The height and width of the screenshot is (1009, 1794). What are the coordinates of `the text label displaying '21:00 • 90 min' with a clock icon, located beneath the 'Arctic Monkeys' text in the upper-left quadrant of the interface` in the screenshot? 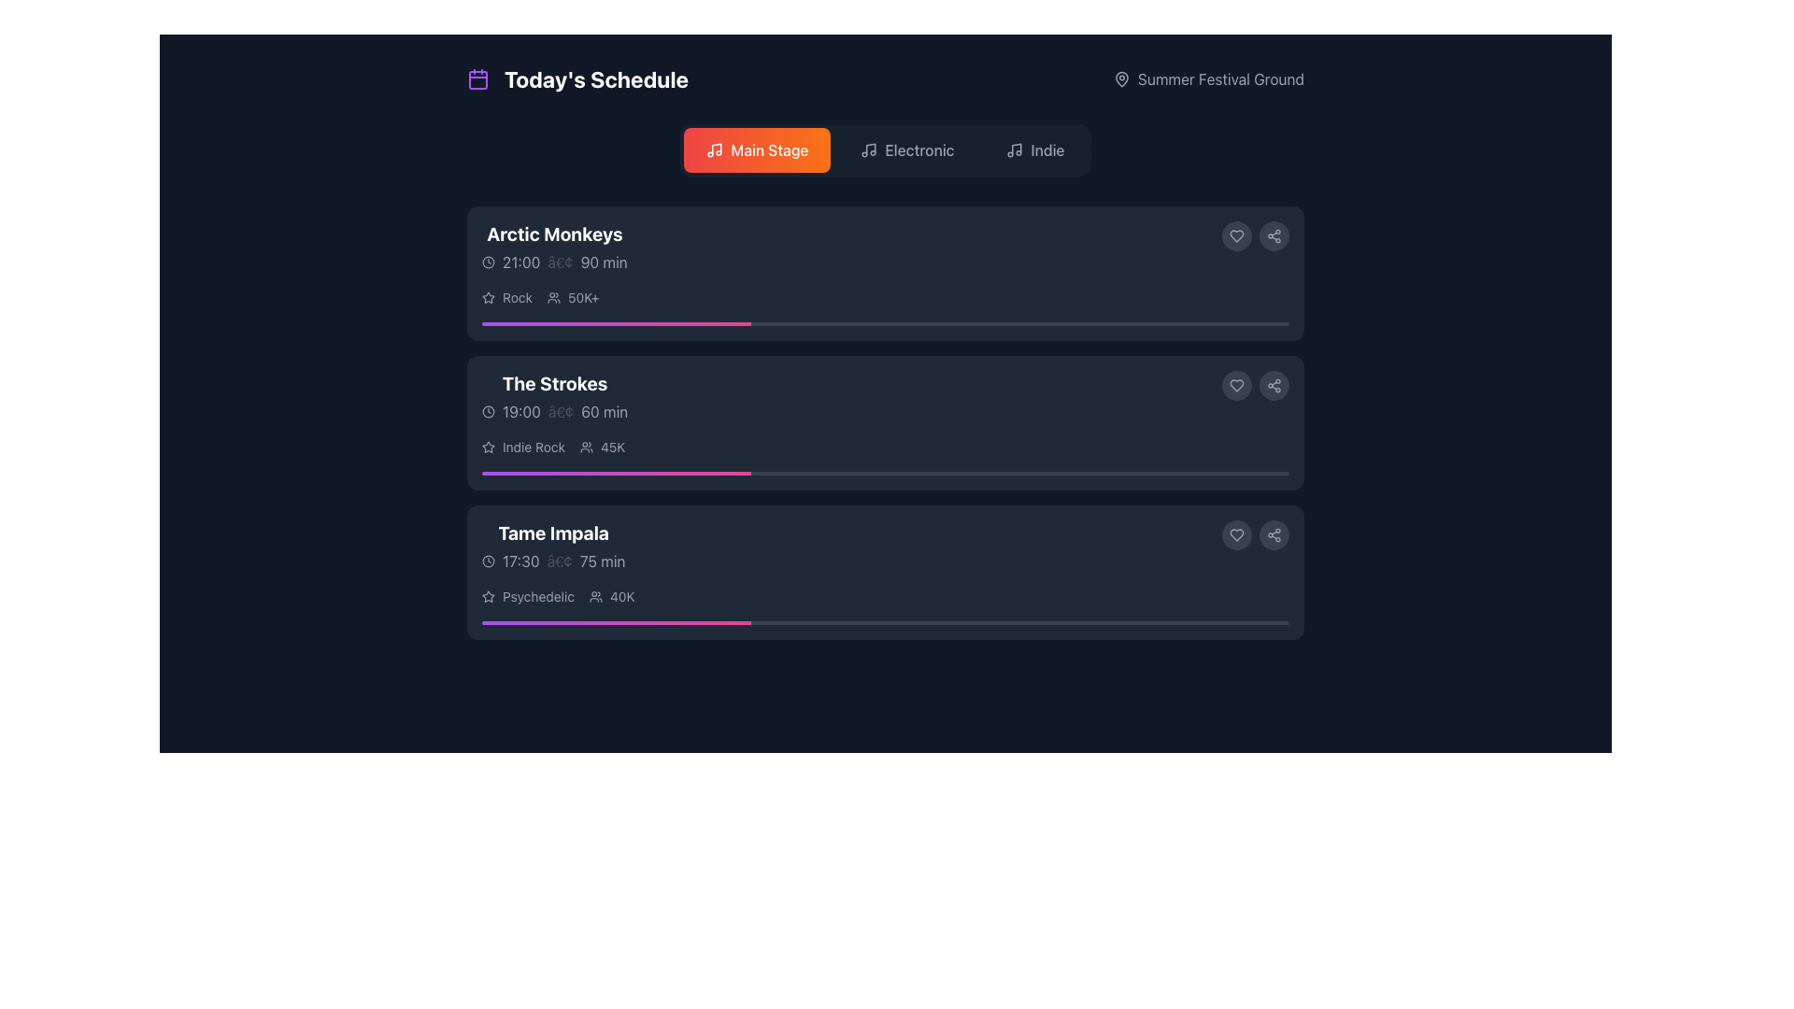 It's located at (553, 263).